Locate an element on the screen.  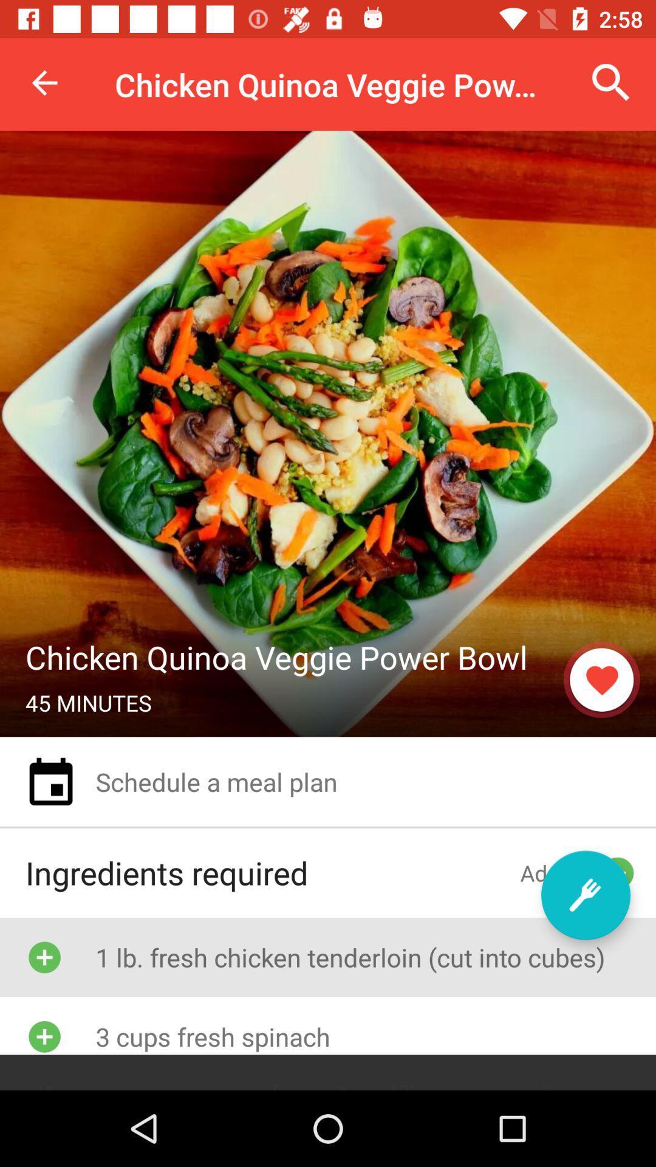
the  symbol at bottom left is located at coordinates (44, 1036).